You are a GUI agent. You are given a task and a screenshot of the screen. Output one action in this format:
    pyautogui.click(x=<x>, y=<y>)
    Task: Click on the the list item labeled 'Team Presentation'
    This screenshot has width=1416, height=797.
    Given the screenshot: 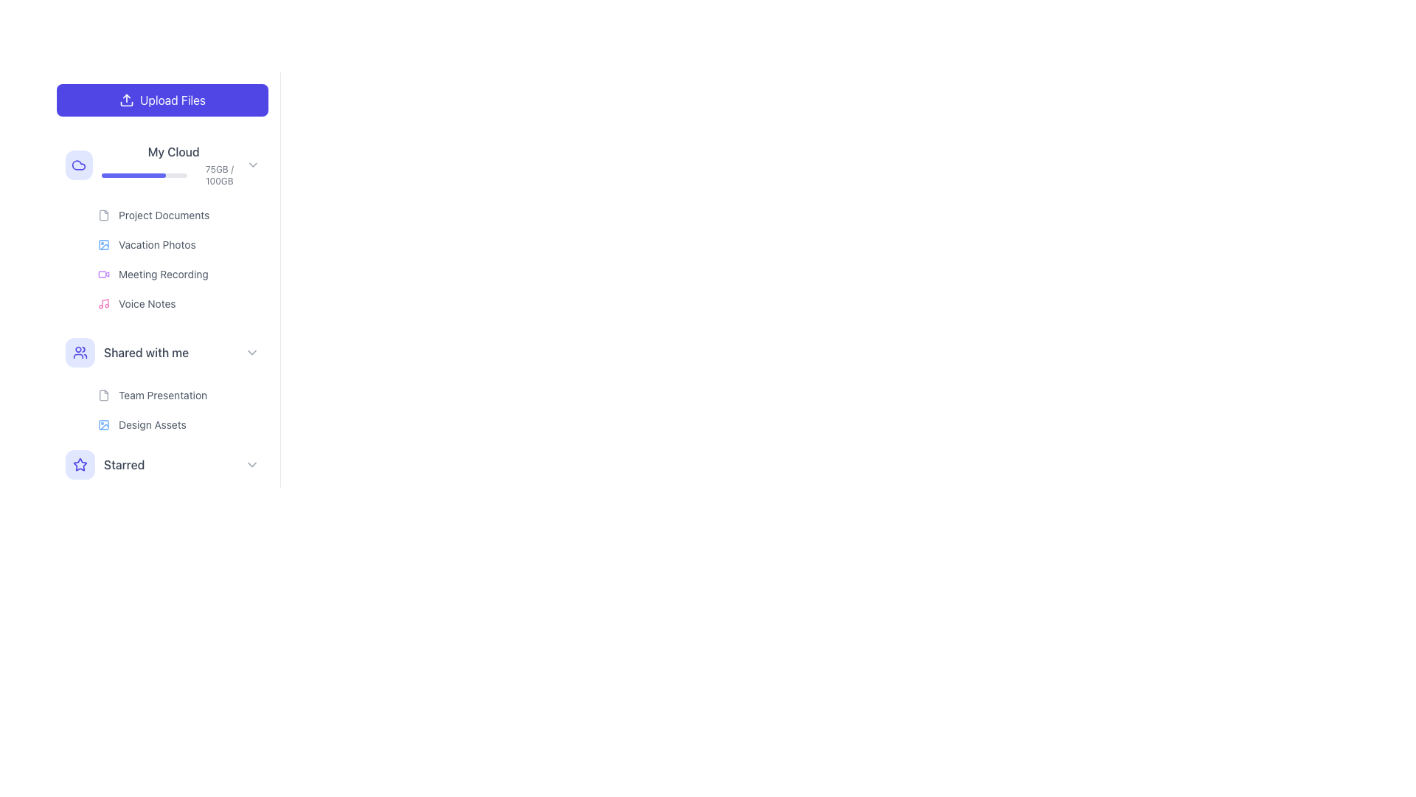 What is the action you would take?
    pyautogui.click(x=152, y=395)
    